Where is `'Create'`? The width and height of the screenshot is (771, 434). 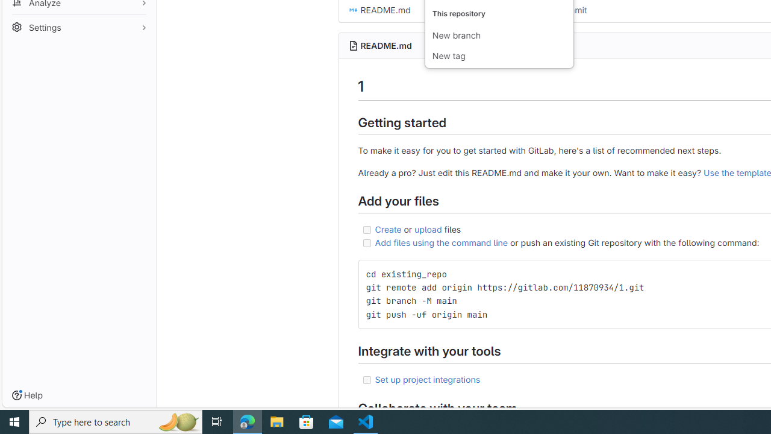 'Create' is located at coordinates (388, 228).